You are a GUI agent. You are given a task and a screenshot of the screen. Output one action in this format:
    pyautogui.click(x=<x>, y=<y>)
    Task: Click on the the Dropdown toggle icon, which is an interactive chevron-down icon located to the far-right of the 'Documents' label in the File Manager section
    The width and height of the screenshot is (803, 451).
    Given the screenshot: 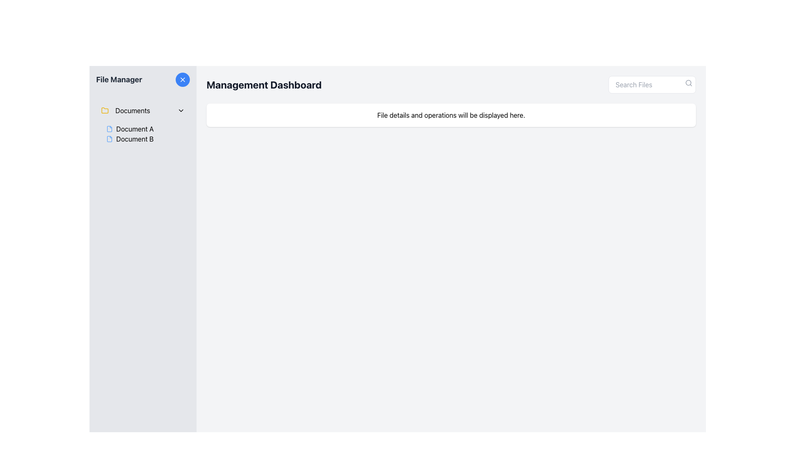 What is the action you would take?
    pyautogui.click(x=180, y=110)
    